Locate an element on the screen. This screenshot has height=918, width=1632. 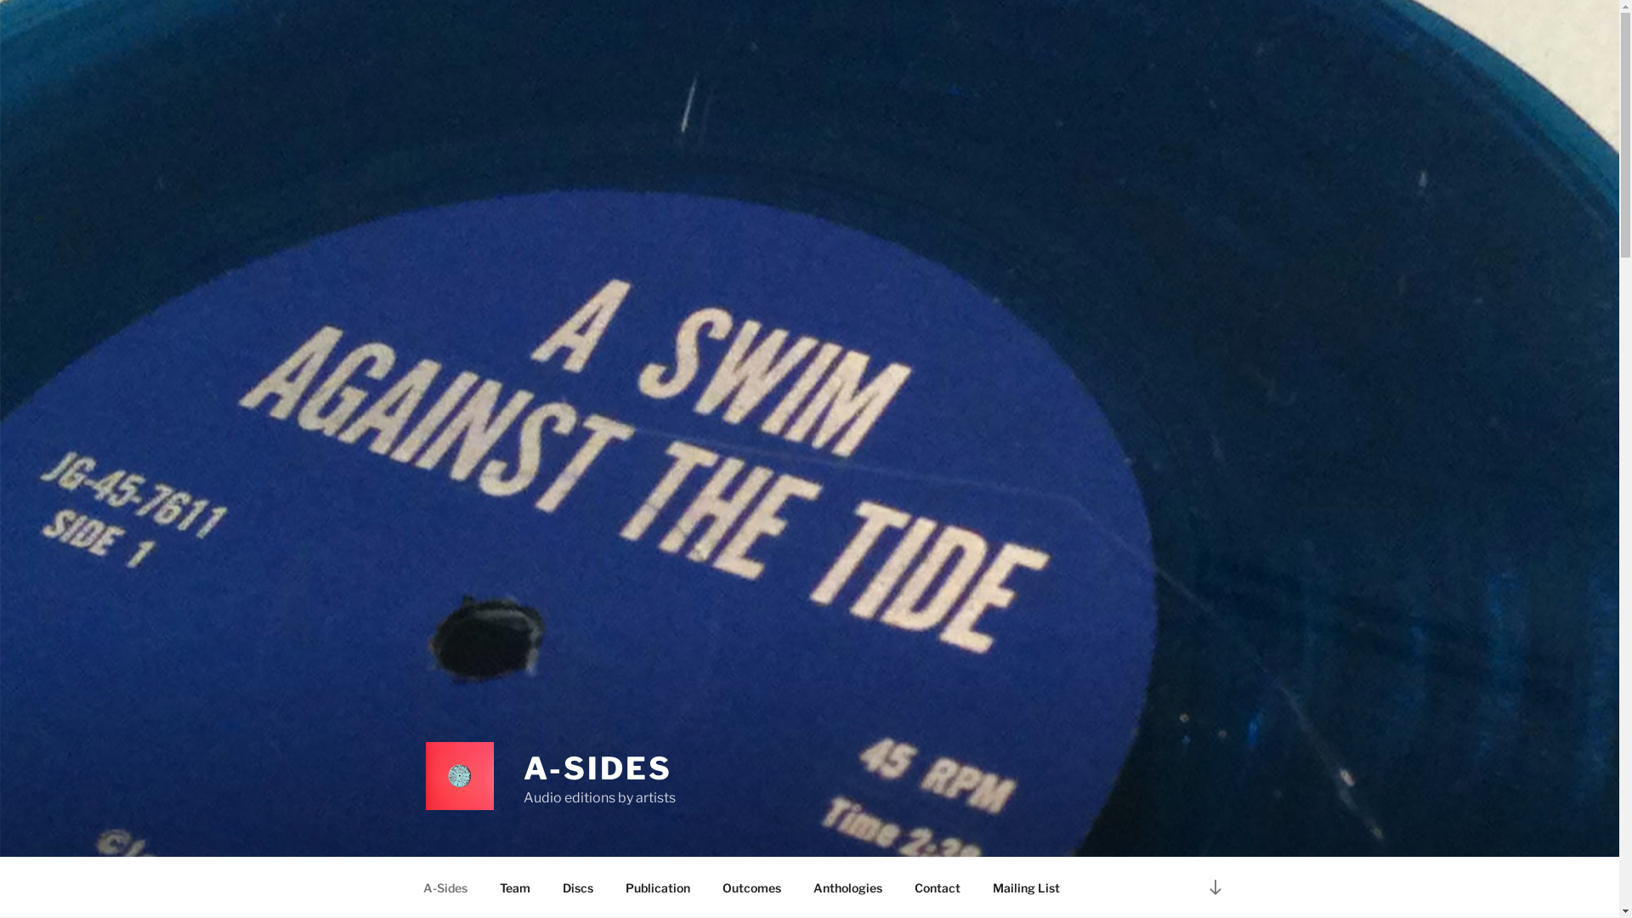
'Discs' is located at coordinates (577, 887).